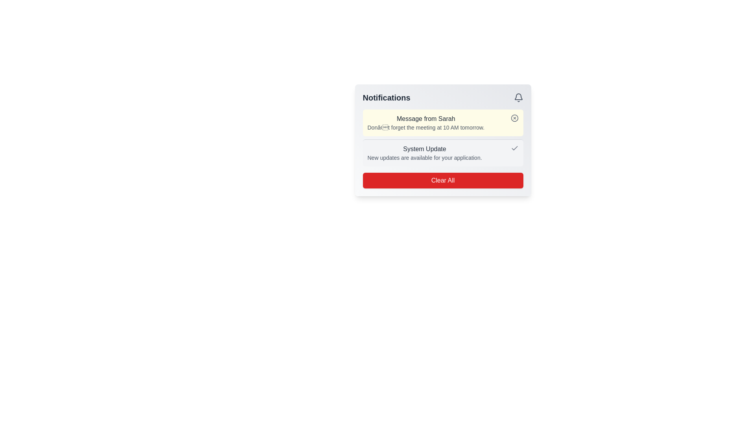 The image size is (755, 424). What do you see at coordinates (425, 127) in the screenshot?
I see `information displayed in the Text Label which conveys a message notification about an upcoming event or reminder, positioned beneath the 'Message from Sarah' heading` at bounding box center [425, 127].